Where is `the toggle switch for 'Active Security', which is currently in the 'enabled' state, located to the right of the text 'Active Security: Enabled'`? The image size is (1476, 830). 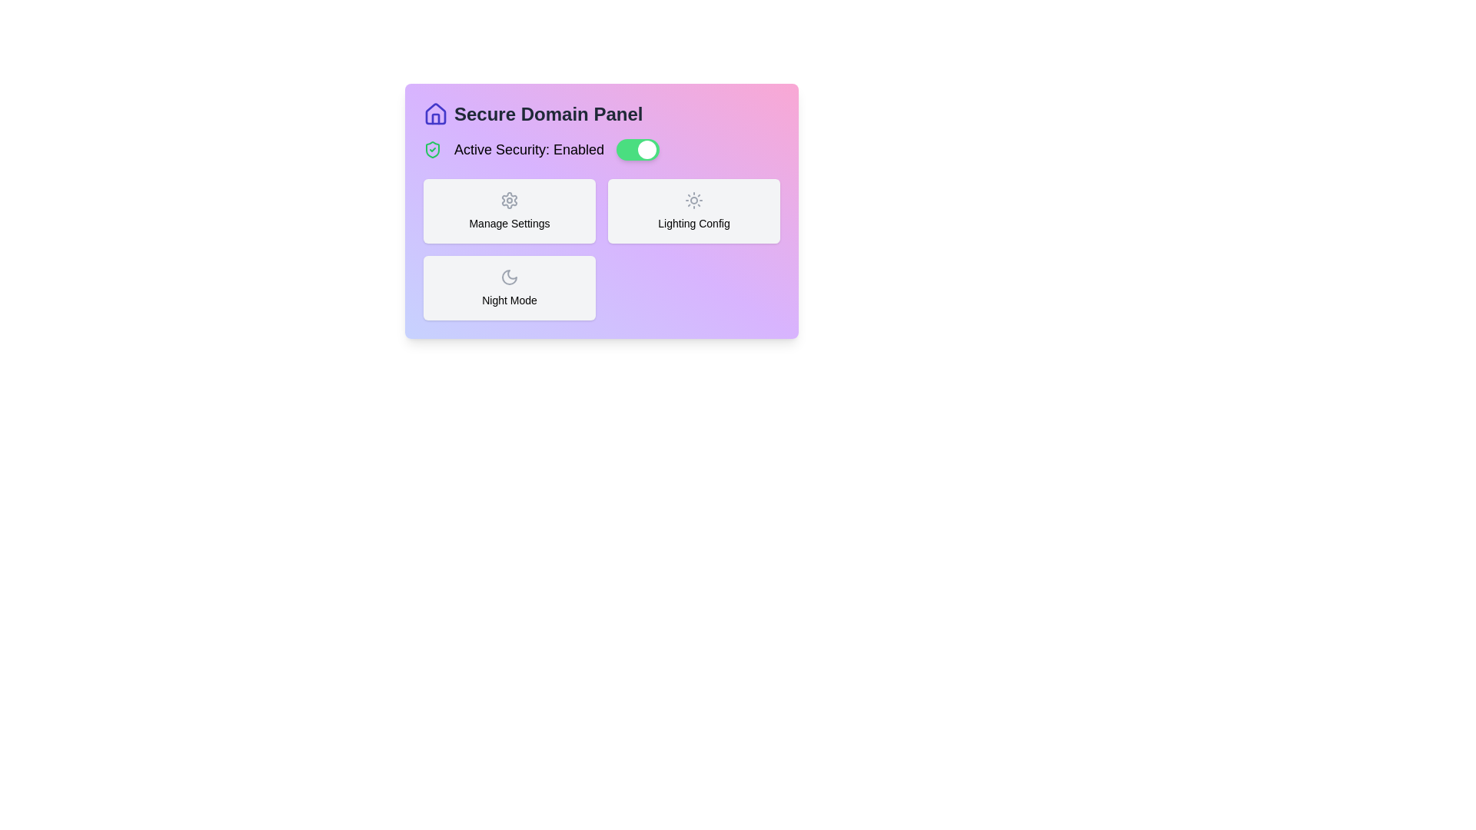 the toggle switch for 'Active Security', which is currently in the 'enabled' state, located to the right of the text 'Active Security: Enabled' is located at coordinates (638, 150).